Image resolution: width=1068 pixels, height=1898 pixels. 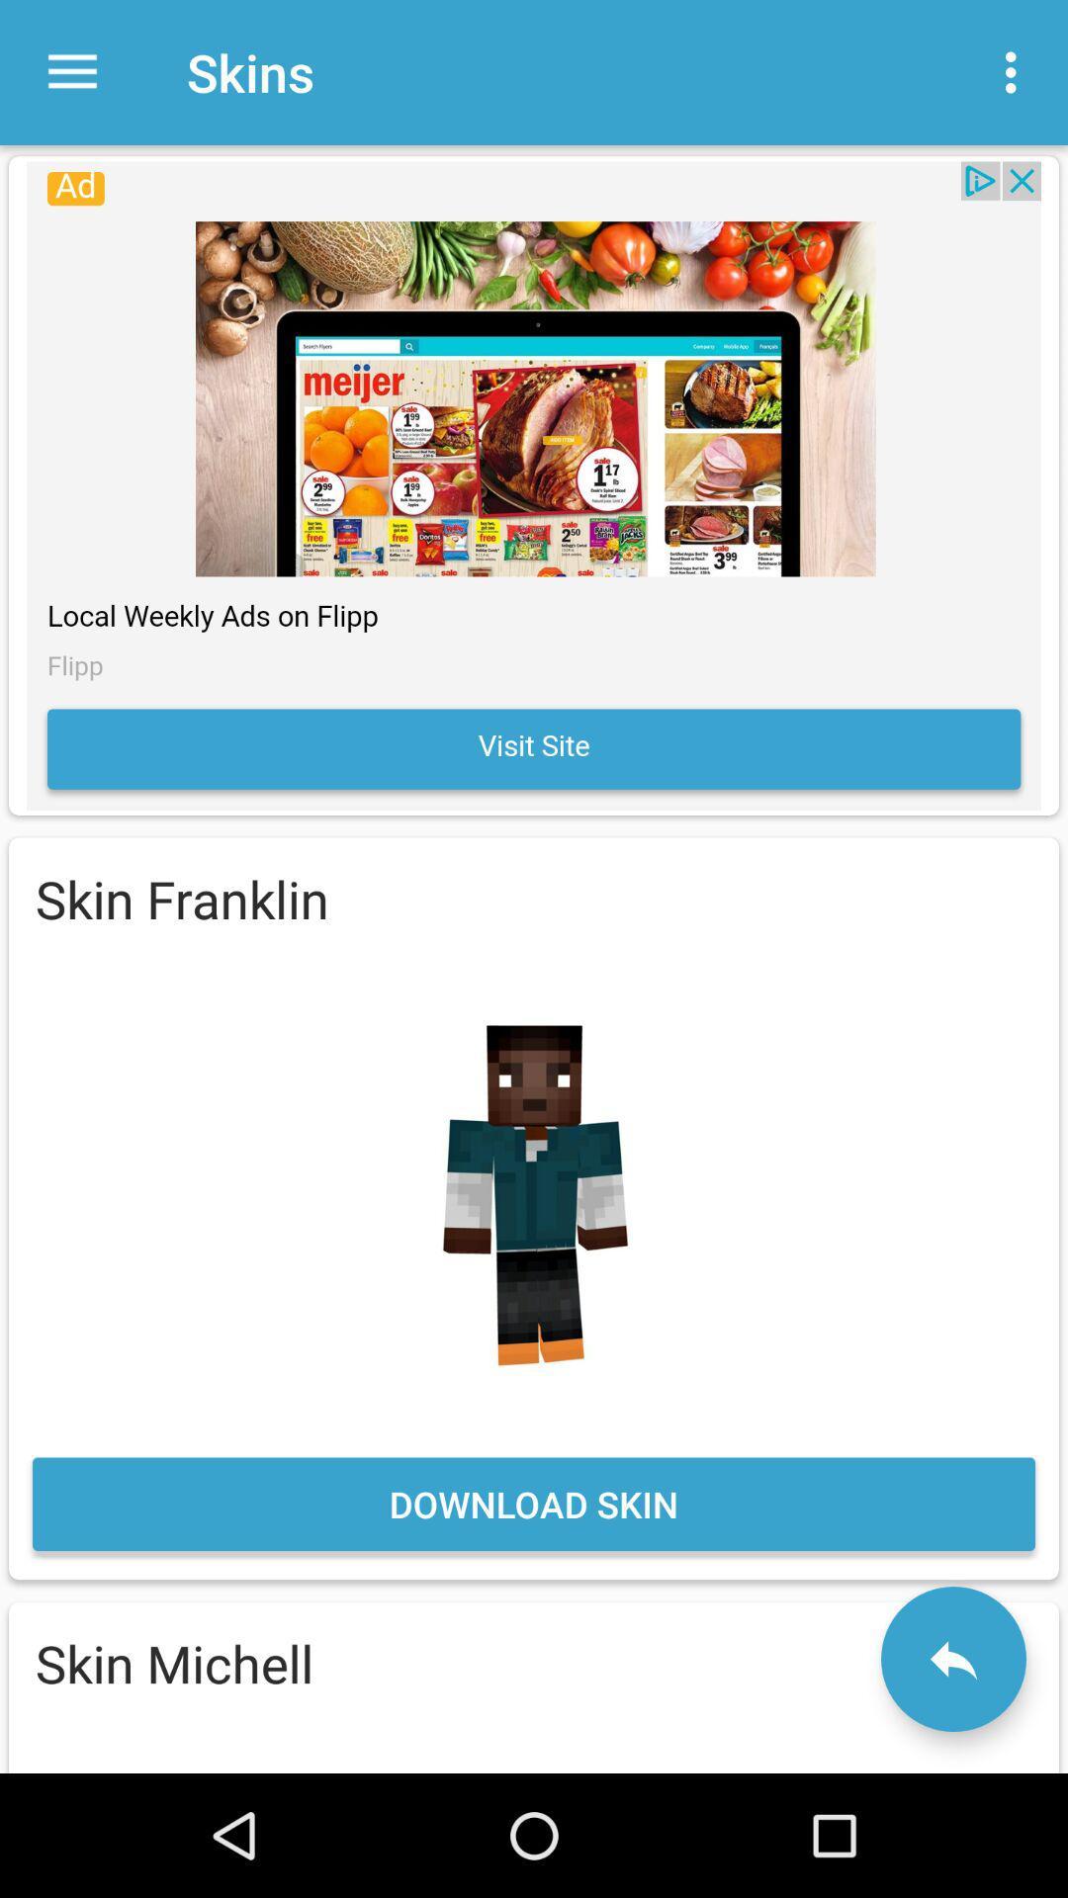 What do you see at coordinates (534, 485) in the screenshot?
I see `advertisement` at bounding box center [534, 485].